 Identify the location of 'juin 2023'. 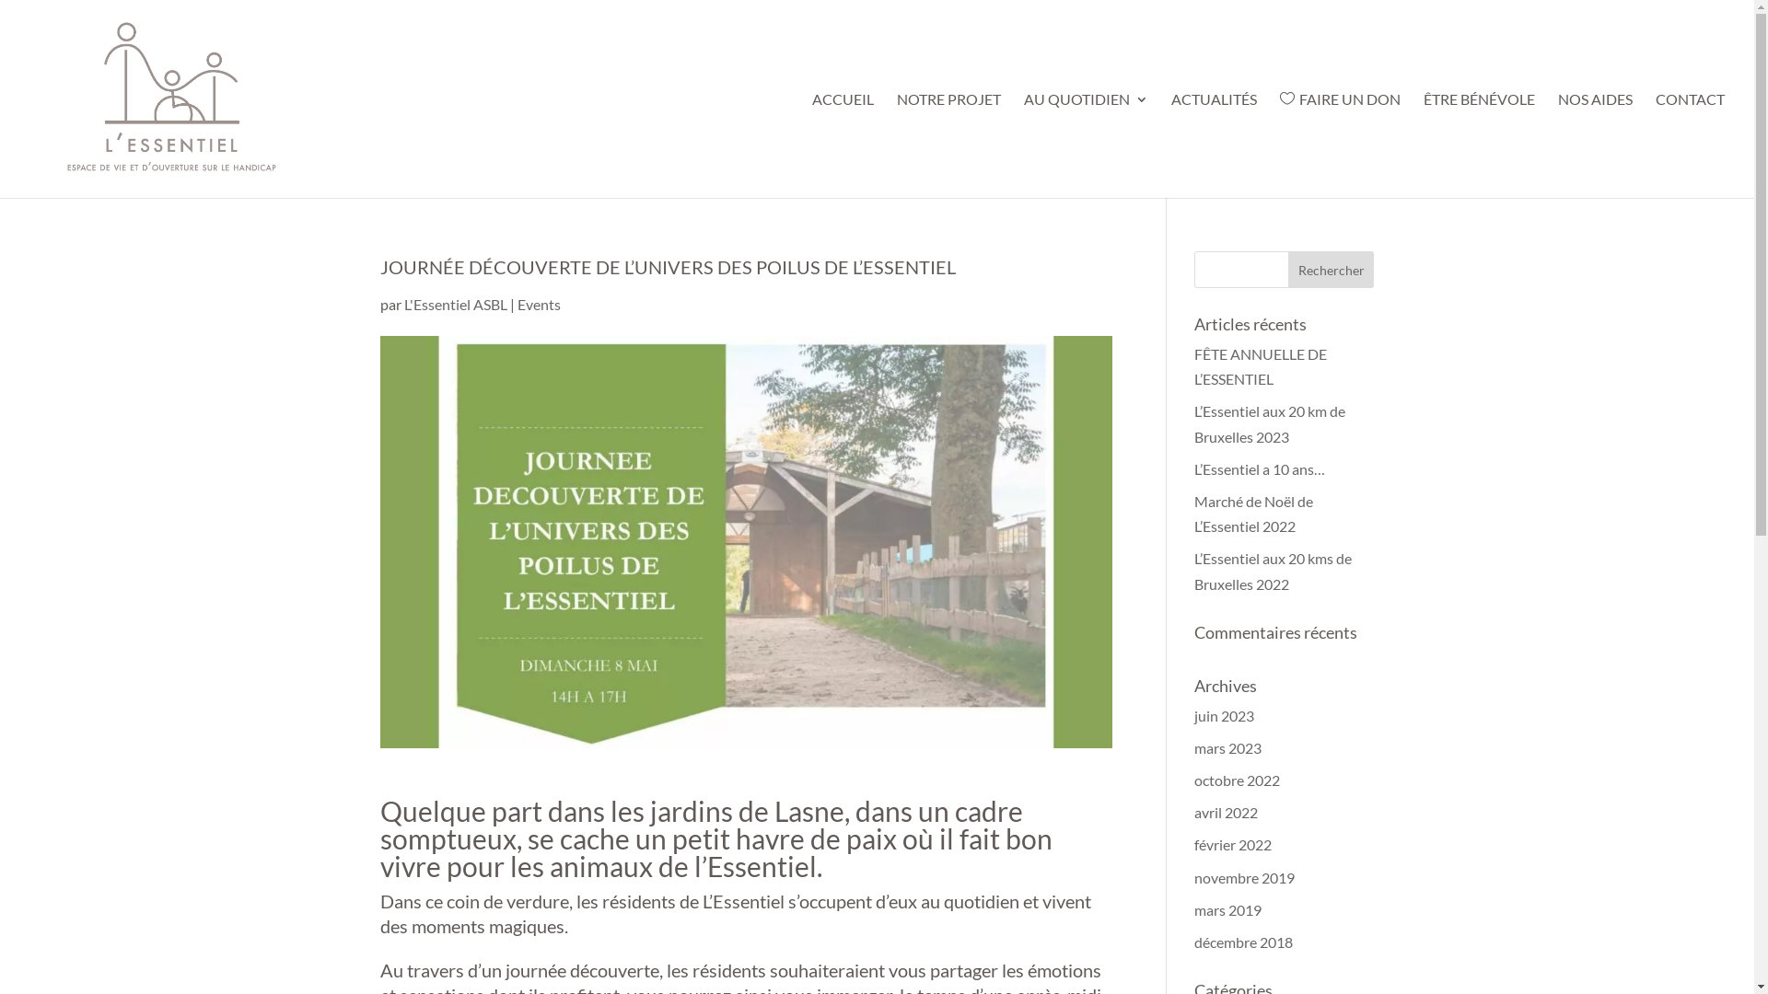
(1224, 714).